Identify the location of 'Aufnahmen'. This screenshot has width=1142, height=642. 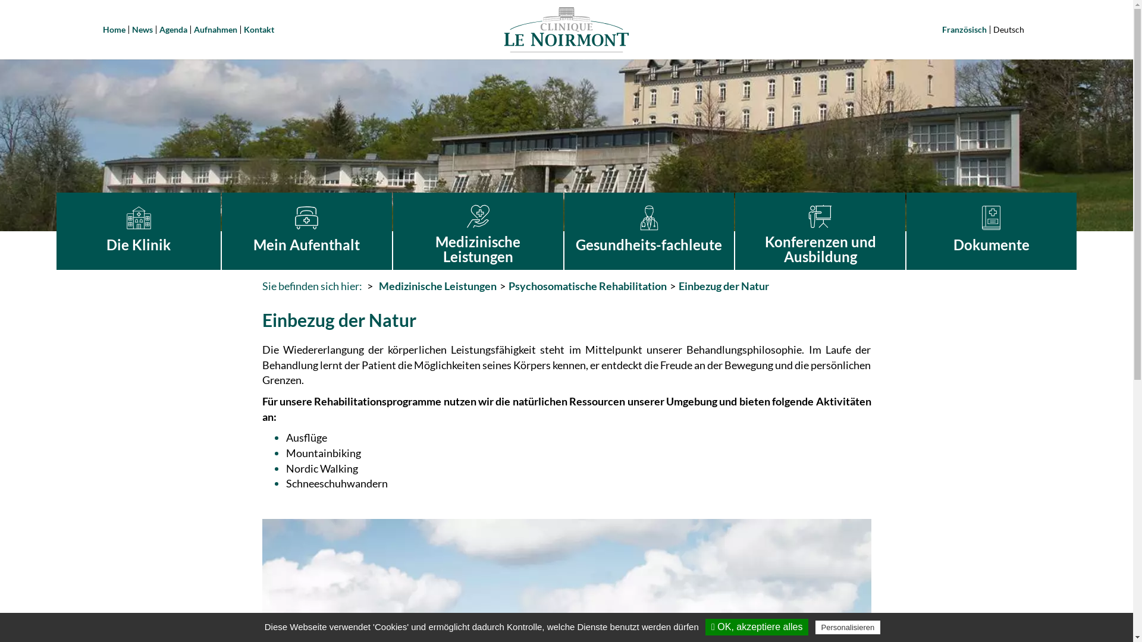
(194, 29).